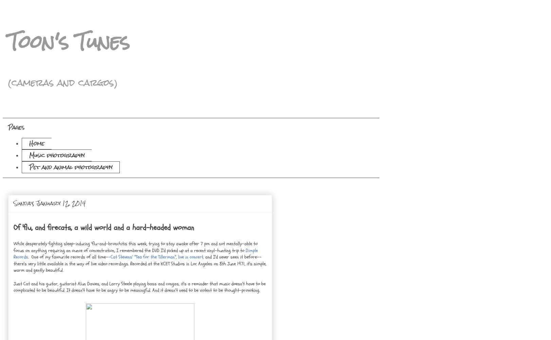  I want to click on 'Just Cat and his guitar, guitarist Alun Davies, and Larry Steele playing bass and congas, it's a reminder that music doesn't have to be complicated to be beautiful. It doesn't have to be angry to be meaningful. And it doesn't need to be violent to be thought-provoking.', so click(139, 286).